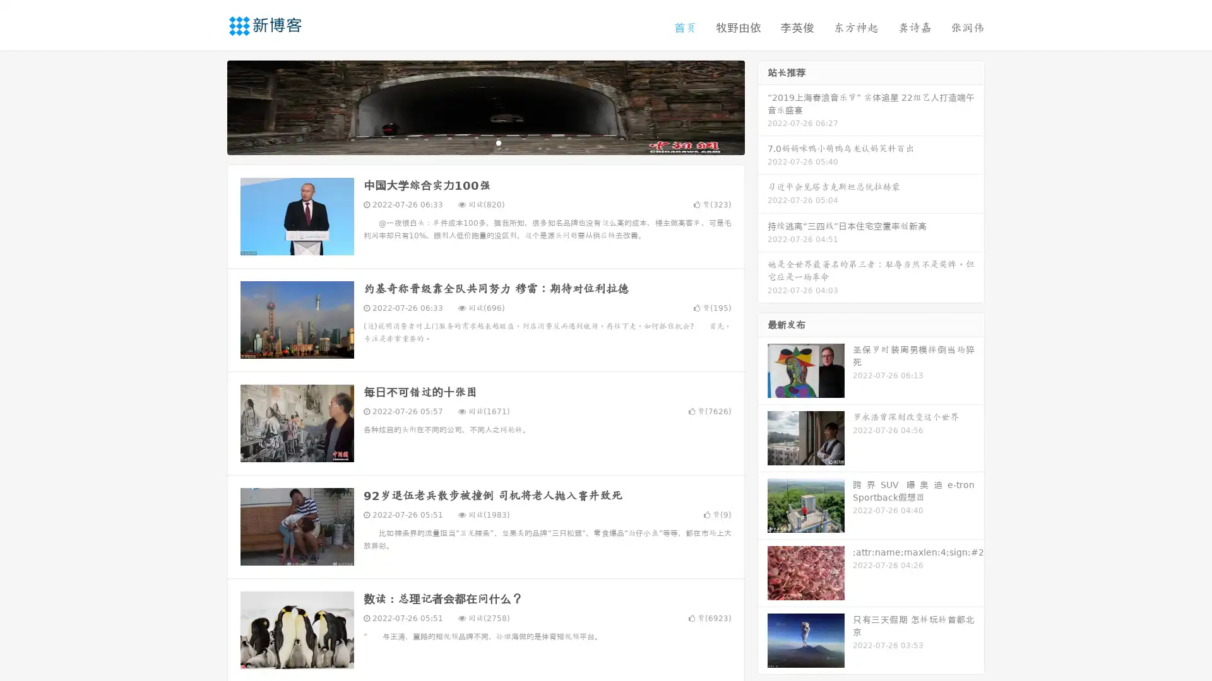 This screenshot has height=681, width=1212. I want to click on Go to slide 1, so click(472, 142).